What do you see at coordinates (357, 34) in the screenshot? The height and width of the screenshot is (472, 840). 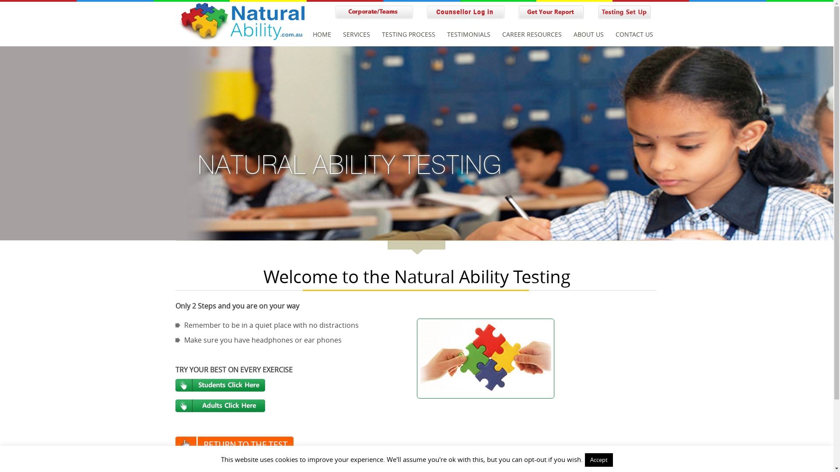 I see `'SERVICES'` at bounding box center [357, 34].